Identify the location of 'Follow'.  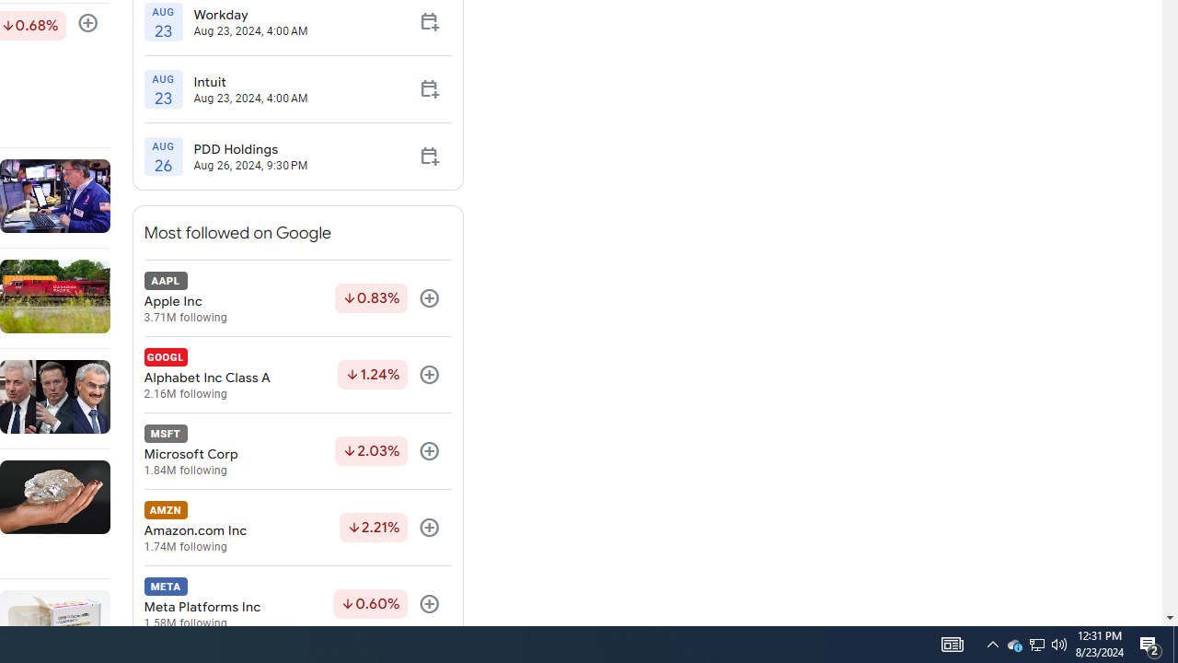
(428, 605).